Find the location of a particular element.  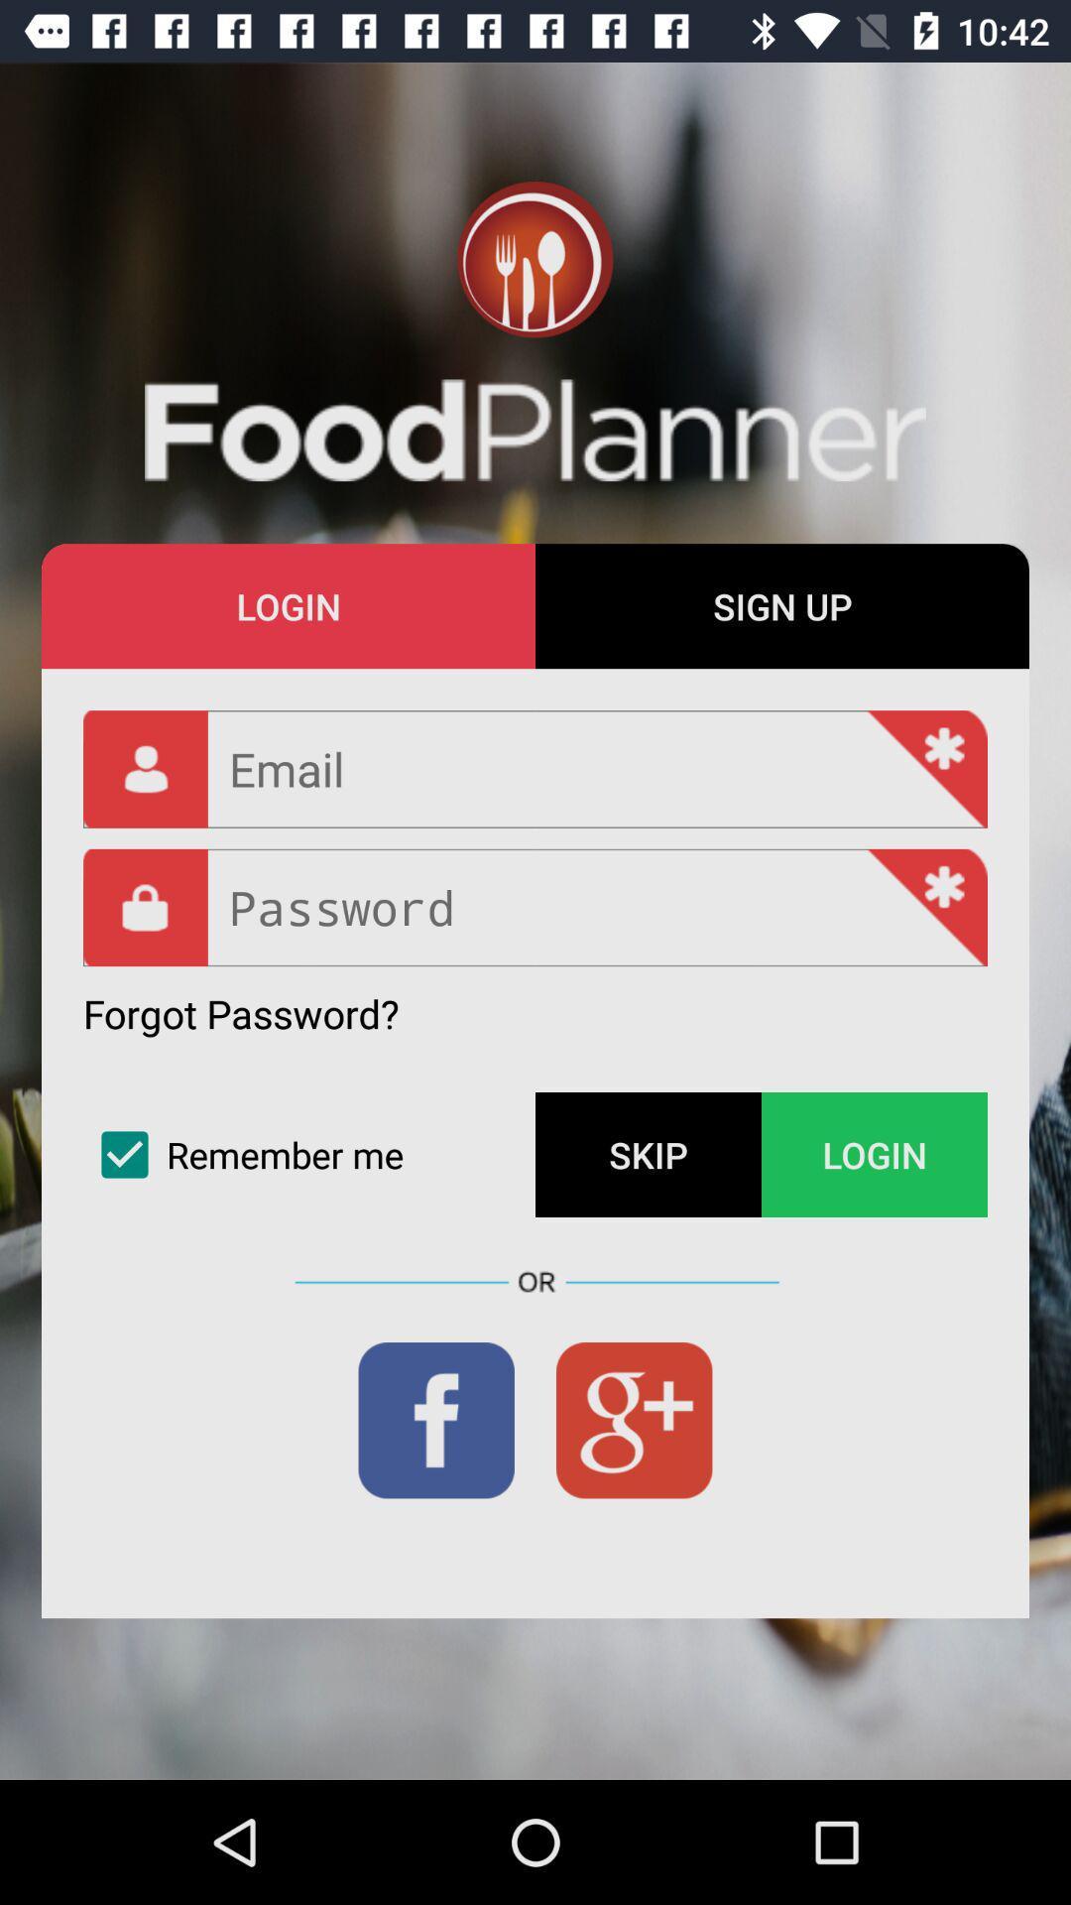

the icon next to the skip is located at coordinates (309, 1155).